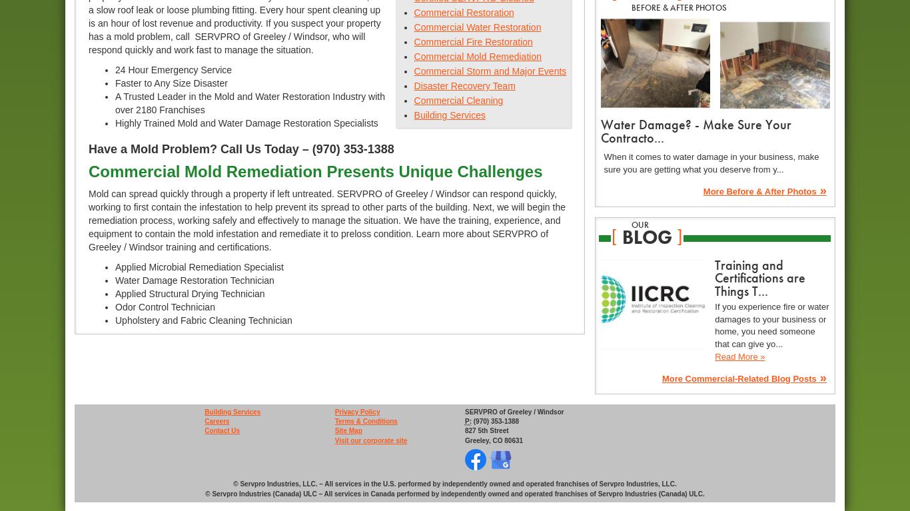  Describe the element at coordinates (222, 430) in the screenshot. I see `'Contact Us'` at that location.